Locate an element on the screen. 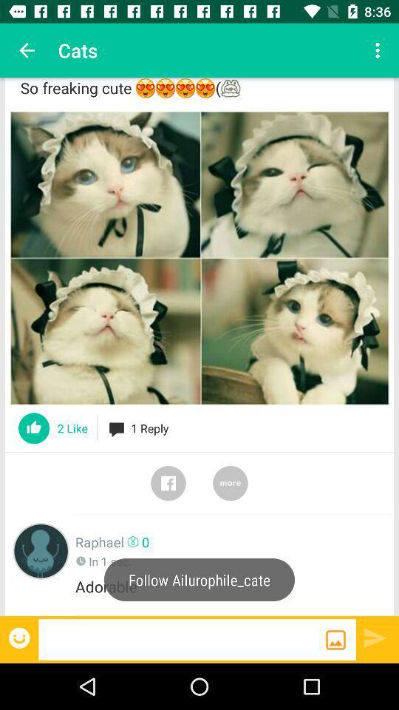 This screenshot has width=399, height=710. blank bar is located at coordinates (182, 638).